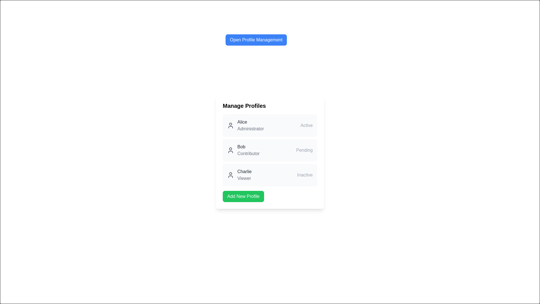  Describe the element at coordinates (256, 40) in the screenshot. I see `the dialog title to focus on it` at that location.